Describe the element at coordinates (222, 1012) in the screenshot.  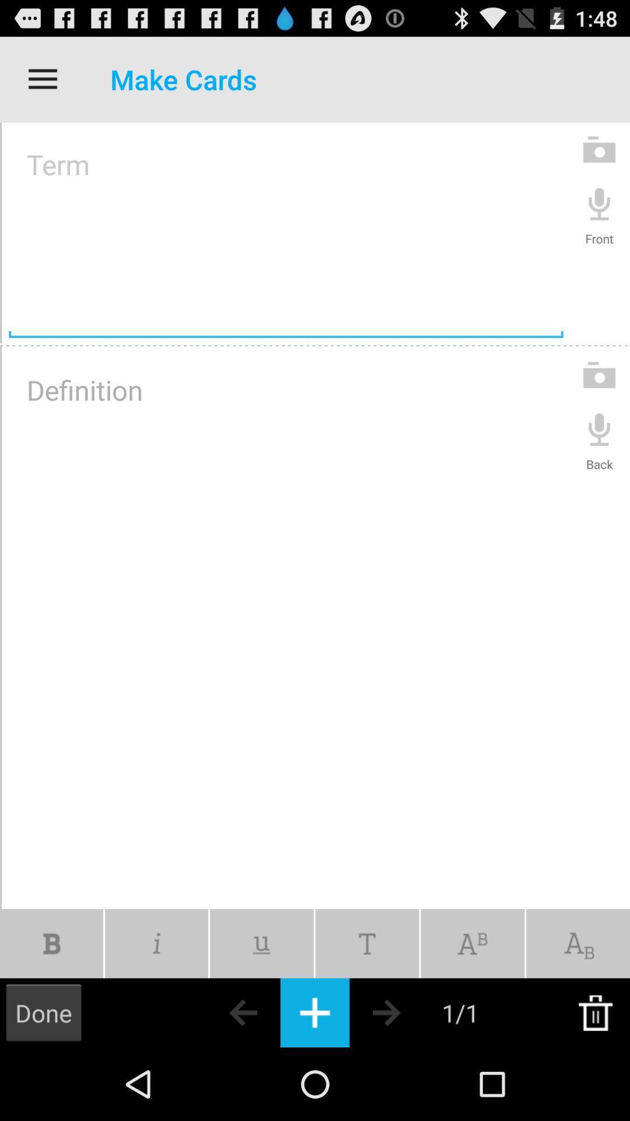
I see `go abck` at that location.